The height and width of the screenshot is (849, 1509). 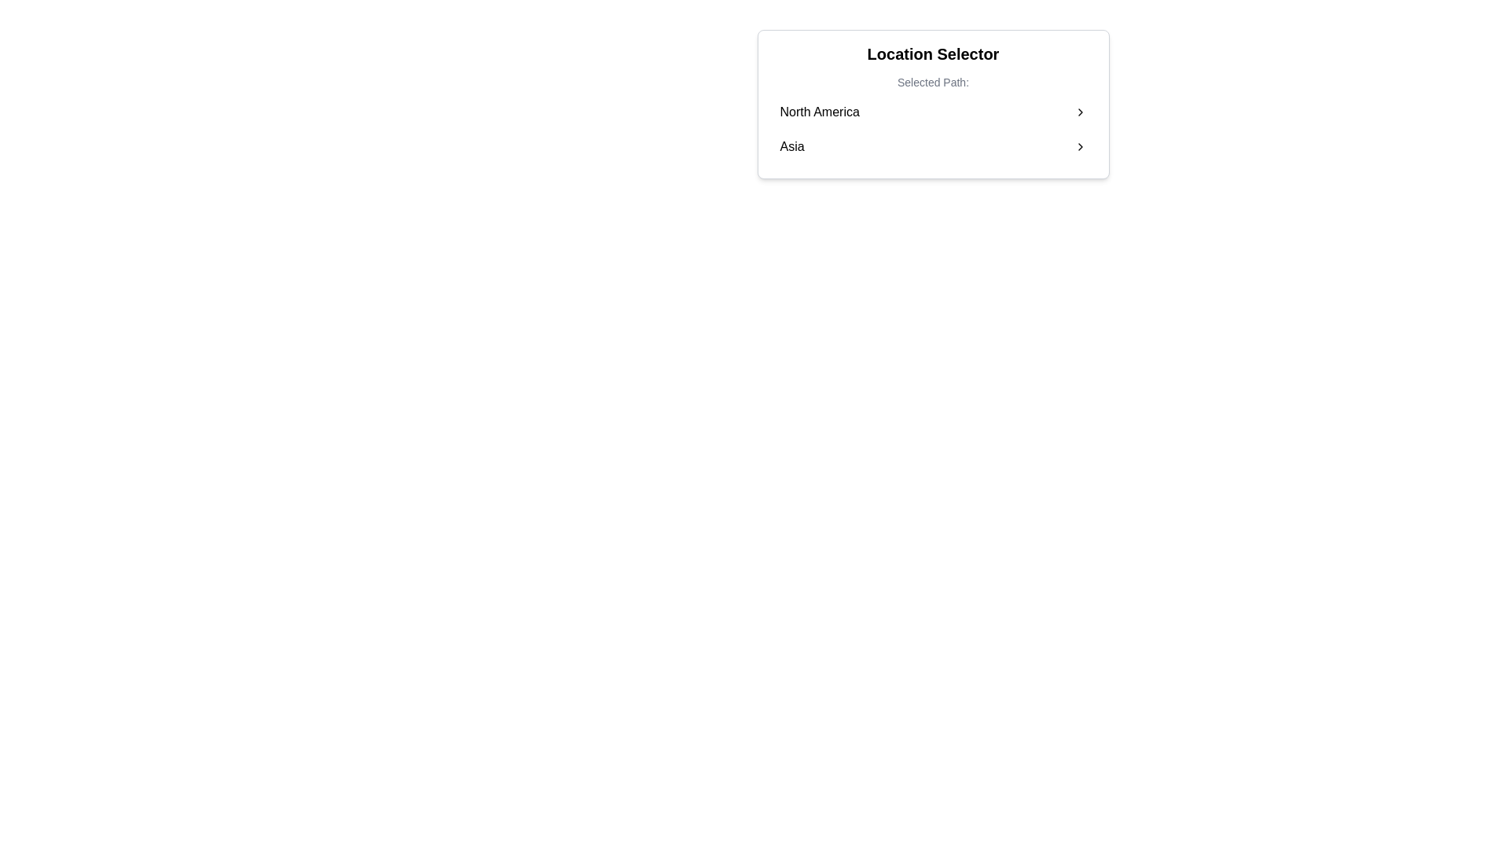 I want to click on the right-facing chevron icon that indicates forward navigation next to the 'Asia' option in the location selector interface, so click(x=1079, y=146).